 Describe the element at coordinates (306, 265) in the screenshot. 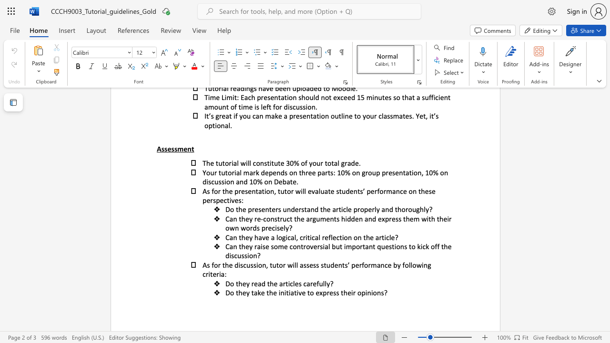

I see `the subset text "sess students’ performance b" within the text "As for the discussion, tutor will assess students’ performance by following criteria:"` at that location.